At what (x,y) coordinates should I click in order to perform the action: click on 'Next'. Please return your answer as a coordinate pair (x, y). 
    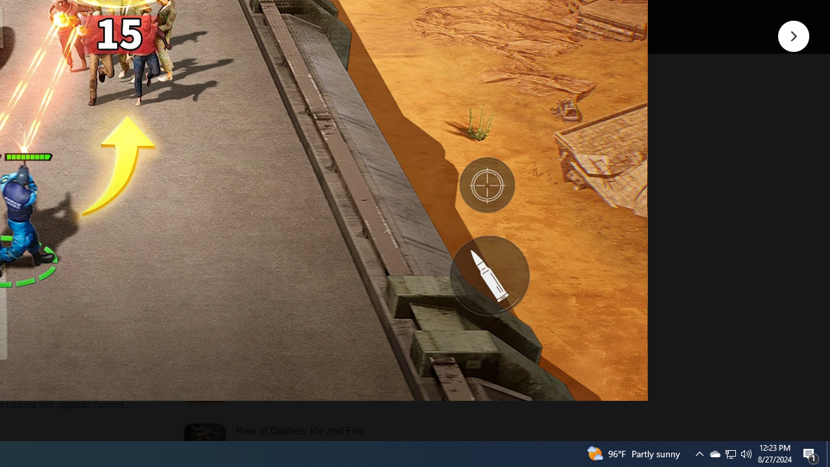
    Looking at the image, I should click on (793, 35).